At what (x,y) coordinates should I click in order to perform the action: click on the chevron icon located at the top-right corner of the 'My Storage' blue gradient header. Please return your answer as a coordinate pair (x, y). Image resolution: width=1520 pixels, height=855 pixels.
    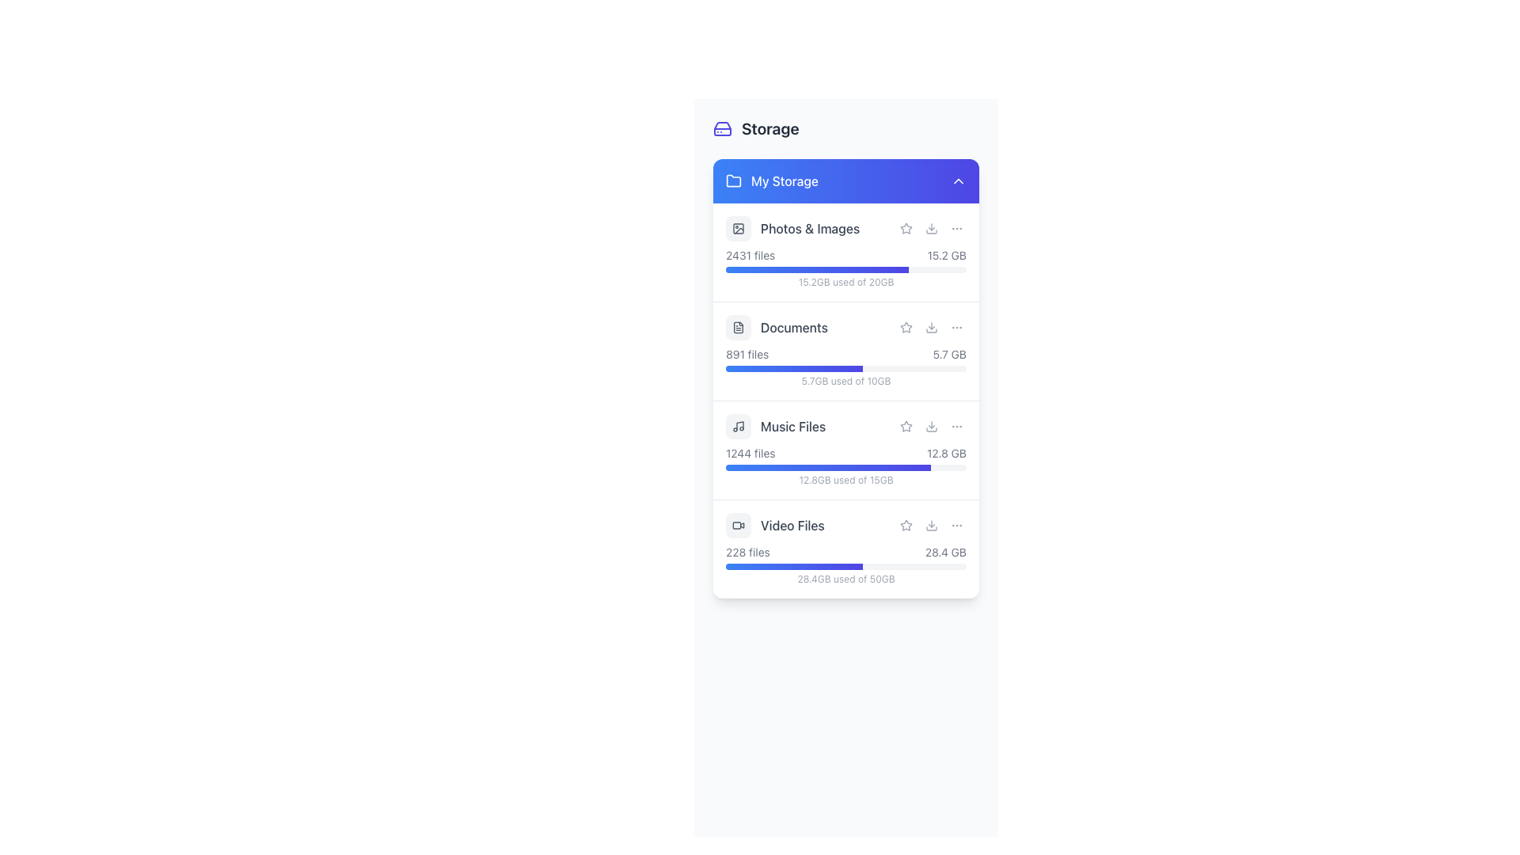
    Looking at the image, I should click on (957, 180).